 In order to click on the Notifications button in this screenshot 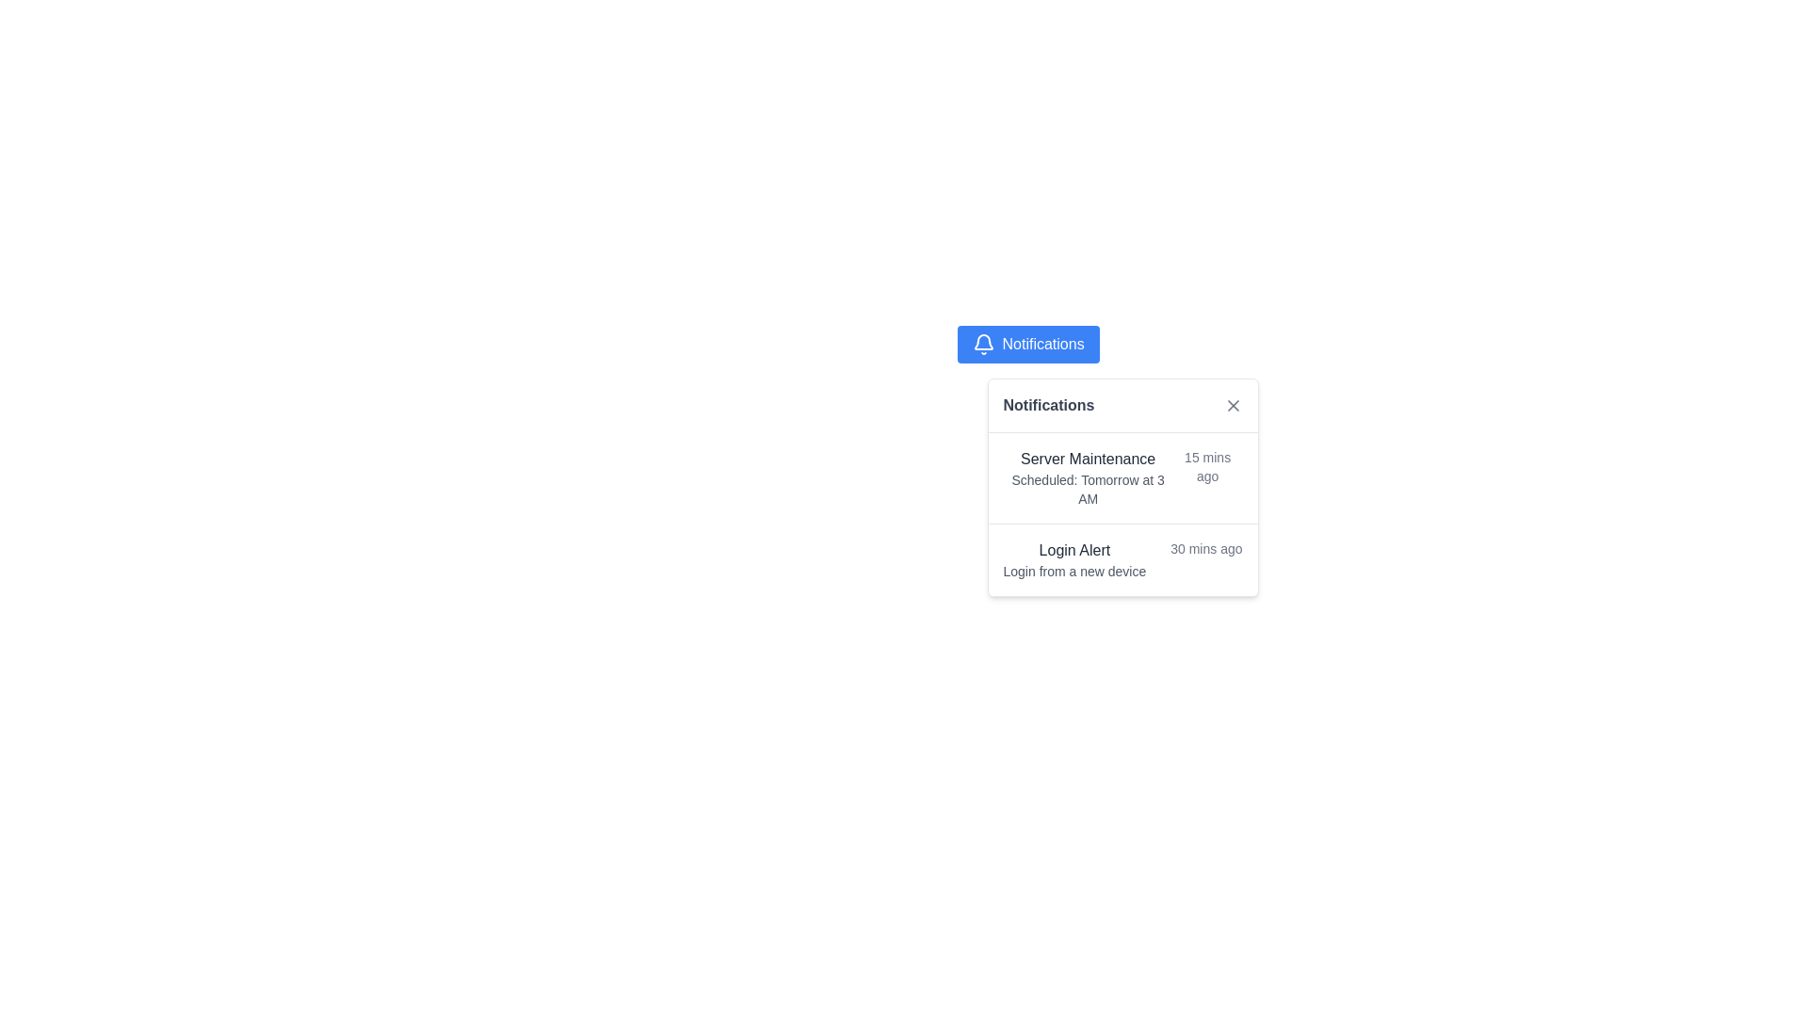, I will do `click(982, 342)`.